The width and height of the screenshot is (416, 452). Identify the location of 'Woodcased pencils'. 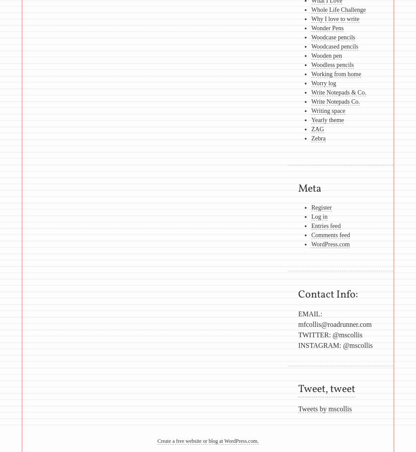
(334, 46).